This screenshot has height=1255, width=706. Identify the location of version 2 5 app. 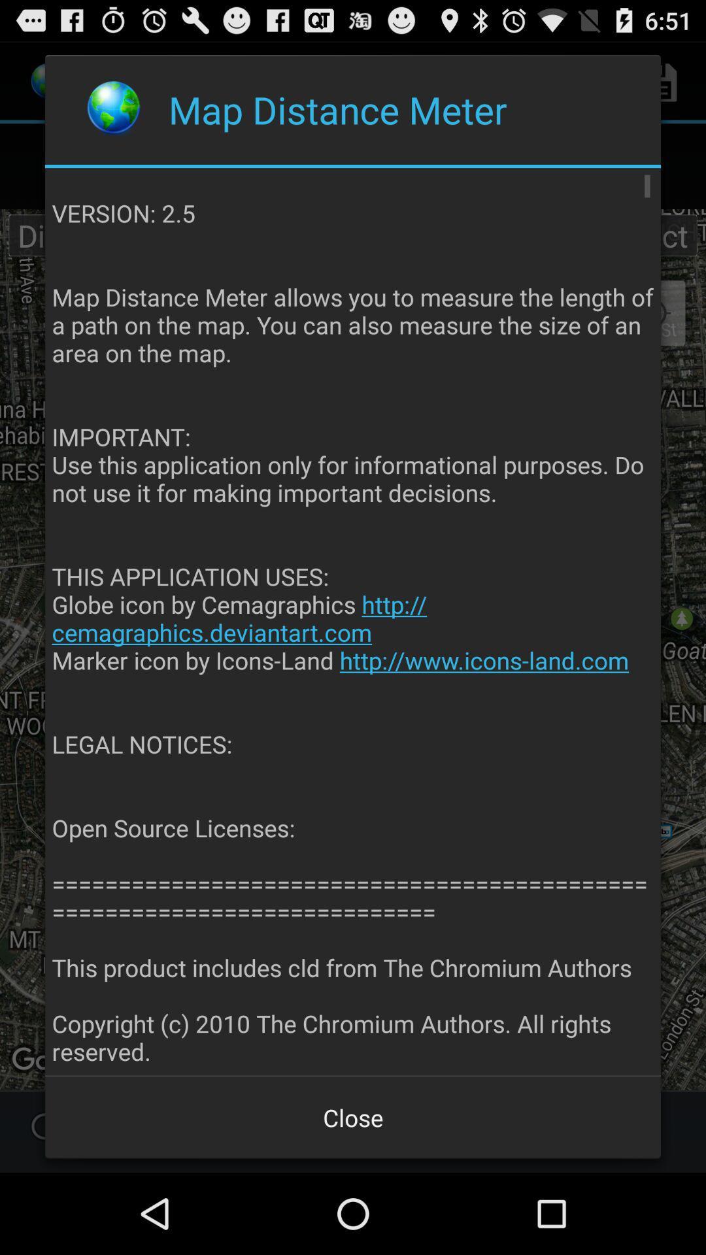
(354, 622).